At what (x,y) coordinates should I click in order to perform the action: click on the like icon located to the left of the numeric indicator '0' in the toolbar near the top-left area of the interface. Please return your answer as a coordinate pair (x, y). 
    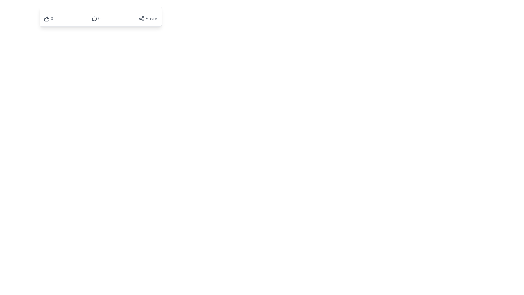
    Looking at the image, I should click on (47, 19).